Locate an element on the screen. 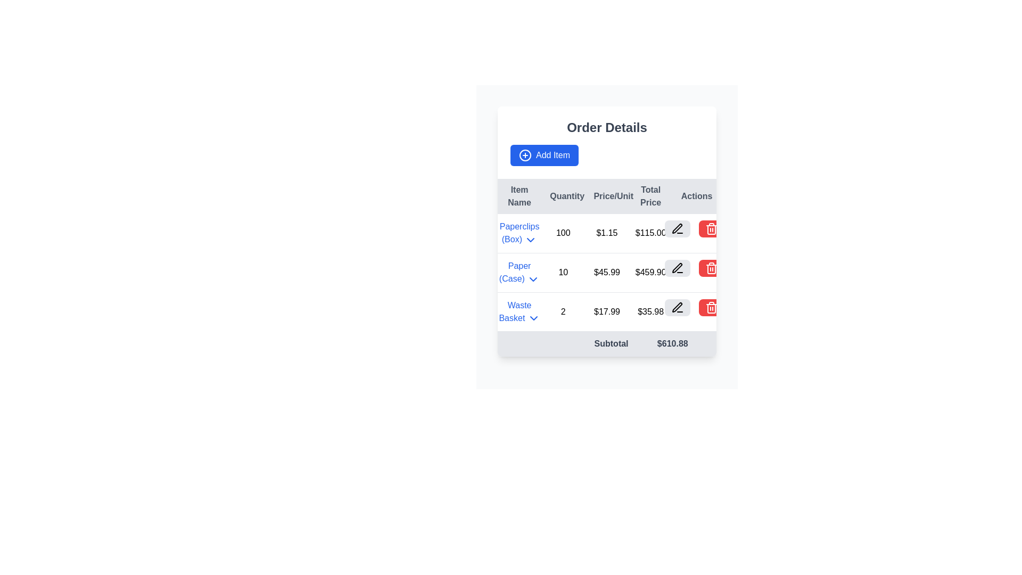 This screenshot has width=1022, height=575. the edit button within the grouped action buttons (Edit and Delete) located in the Actions column of the first row, associated with the item 'Paperclips (Box)' is located at coordinates (694, 228).